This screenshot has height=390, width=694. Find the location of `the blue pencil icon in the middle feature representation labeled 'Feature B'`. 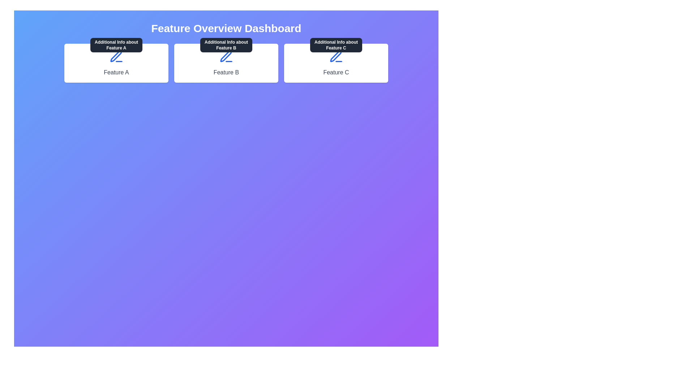

the blue pencil icon in the middle feature representation labeled 'Feature B' is located at coordinates (226, 56).